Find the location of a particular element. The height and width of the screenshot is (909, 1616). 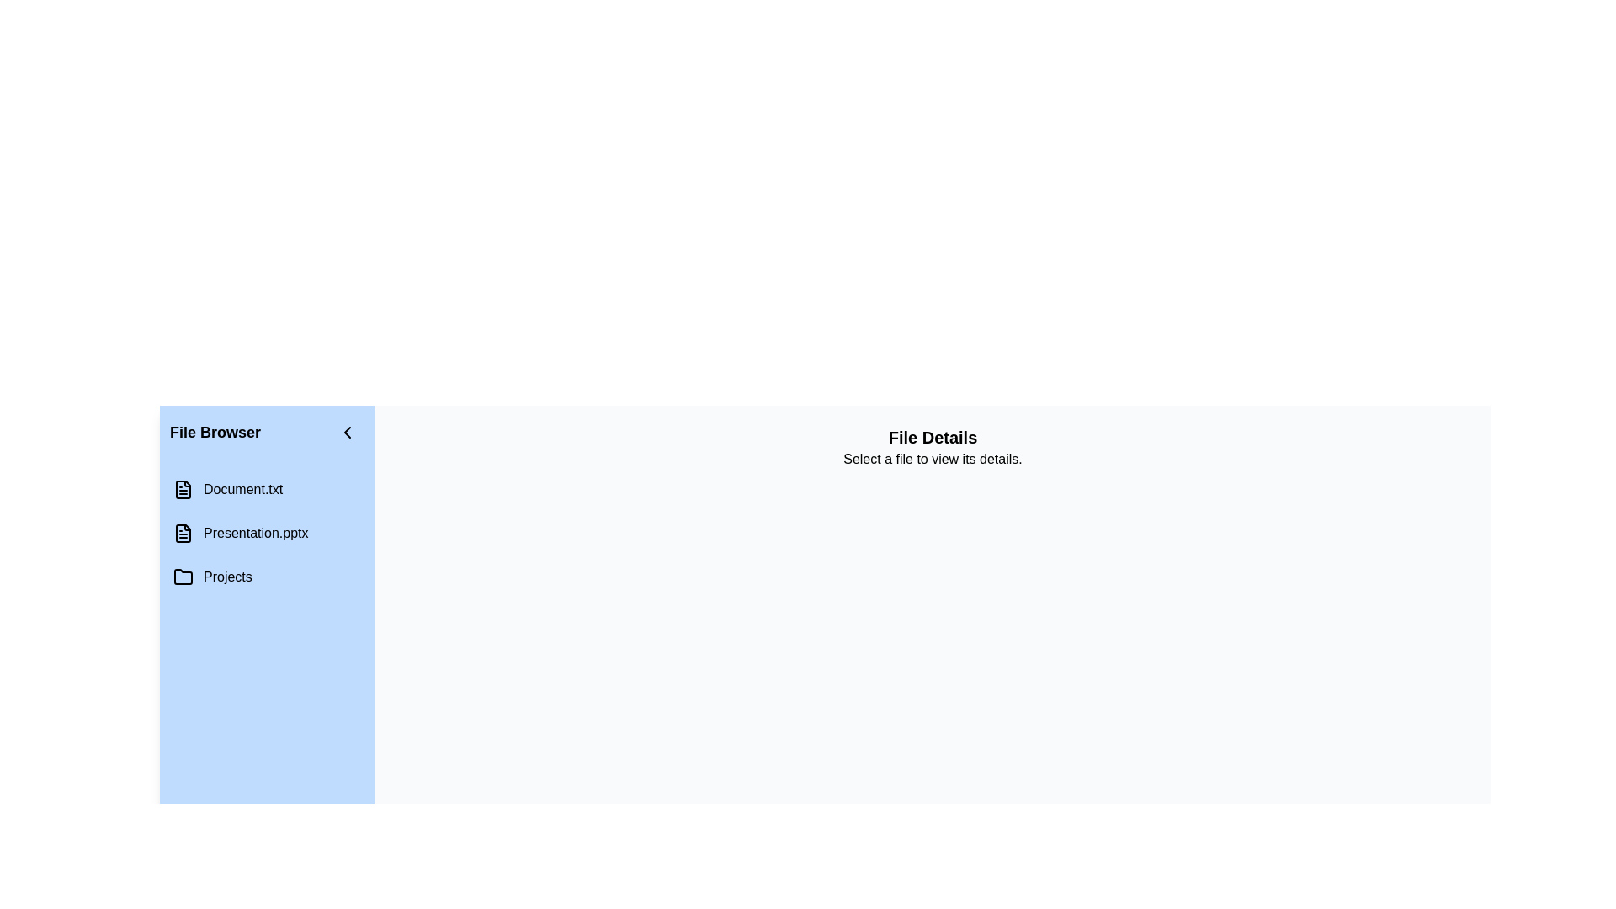

the third item in the vertical list under 'File Browser' is located at coordinates (266, 577).